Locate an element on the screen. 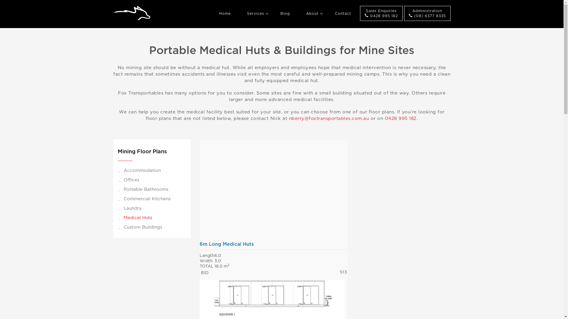 The height and width of the screenshot is (319, 568). 'Sales Enquiries is located at coordinates (381, 13).